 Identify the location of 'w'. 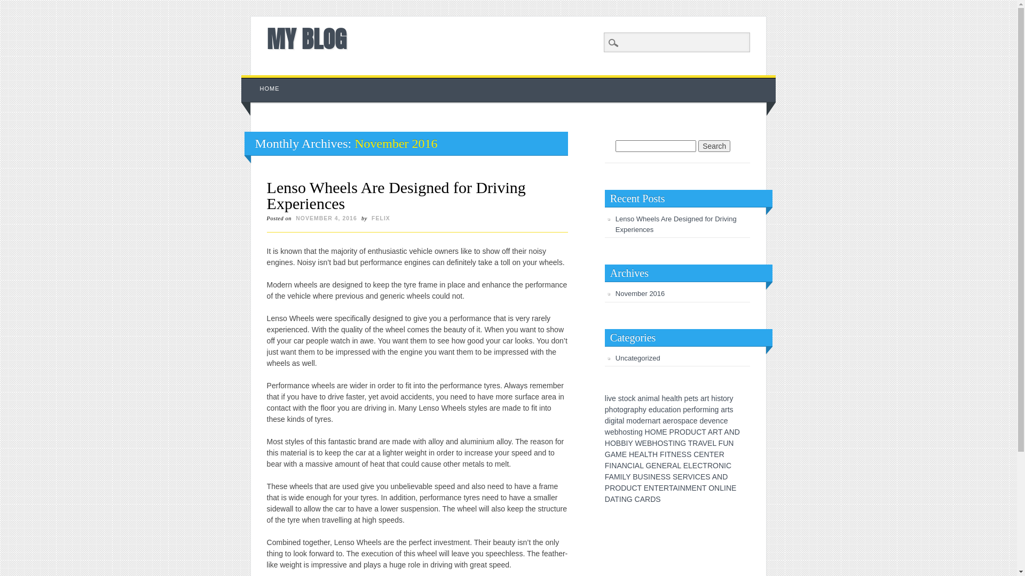
(607, 432).